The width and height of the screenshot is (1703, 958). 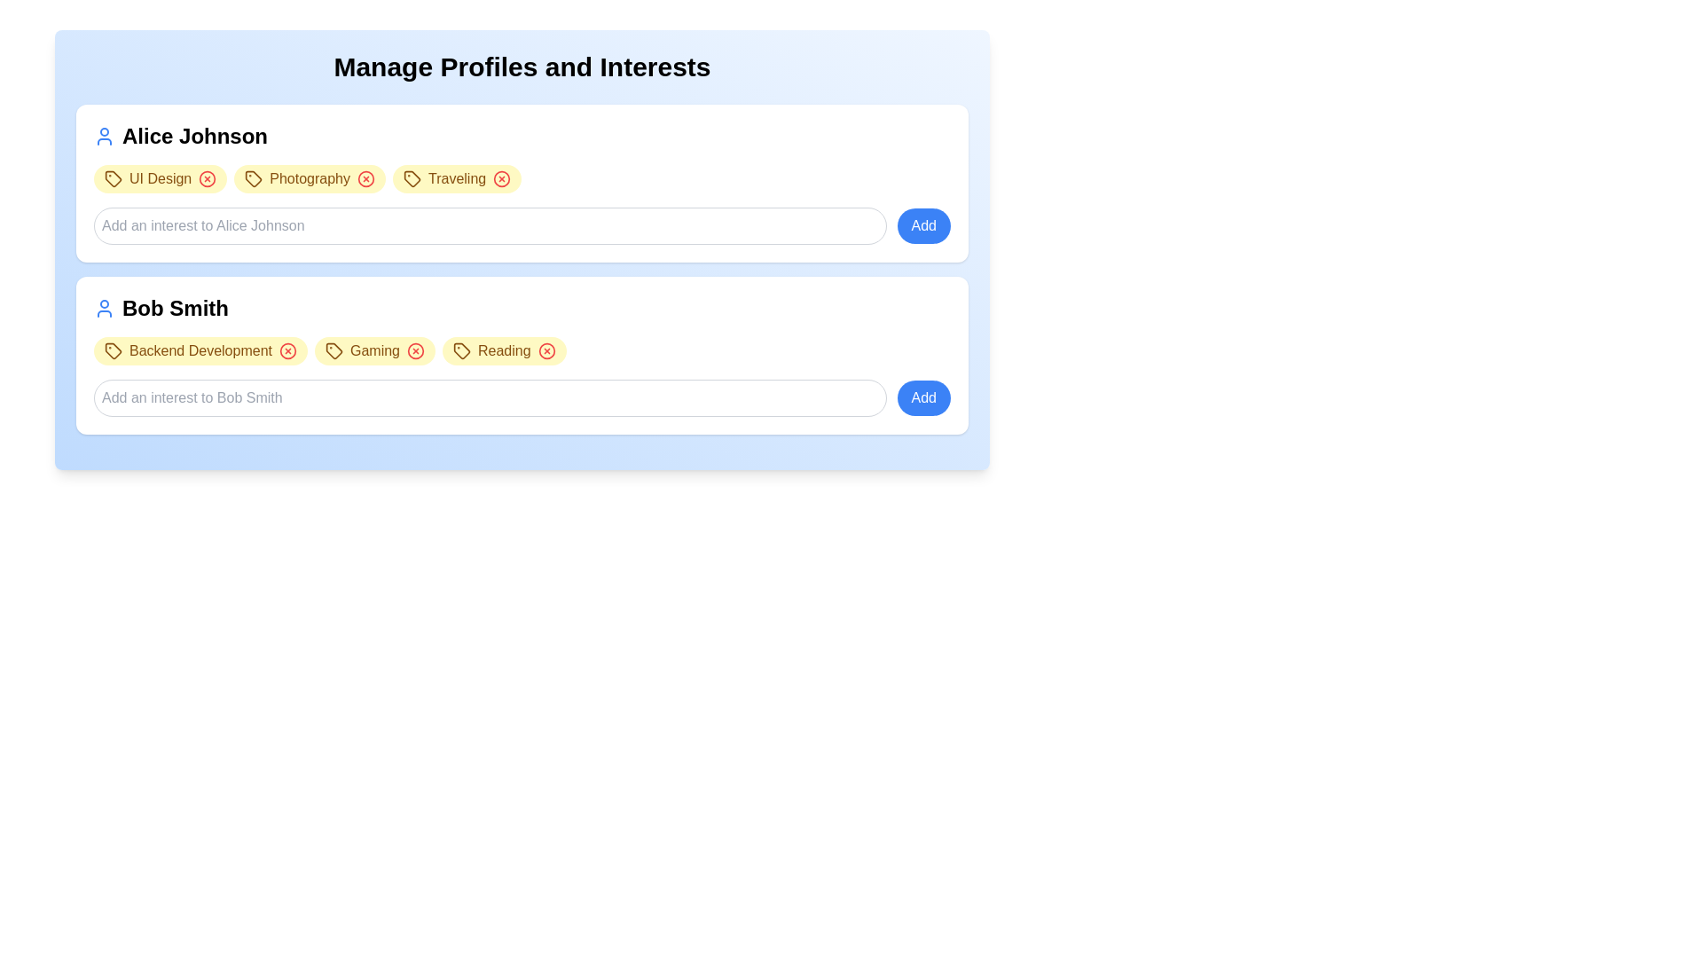 What do you see at coordinates (373, 351) in the screenshot?
I see `the red 'X' icon` at bounding box center [373, 351].